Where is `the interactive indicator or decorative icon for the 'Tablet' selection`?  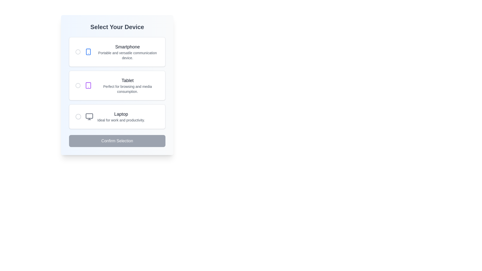
the interactive indicator or decorative icon for the 'Tablet' selection is located at coordinates (78, 85).